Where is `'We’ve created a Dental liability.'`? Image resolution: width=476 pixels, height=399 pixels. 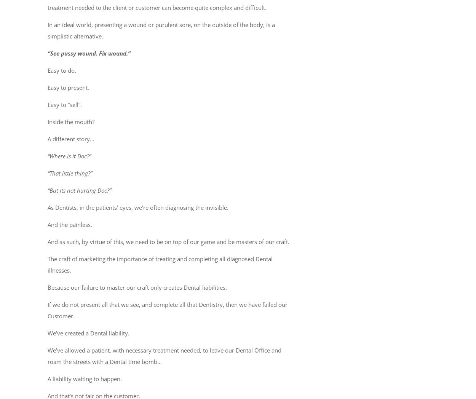
'We’ve created a Dental liability.' is located at coordinates (88, 332).